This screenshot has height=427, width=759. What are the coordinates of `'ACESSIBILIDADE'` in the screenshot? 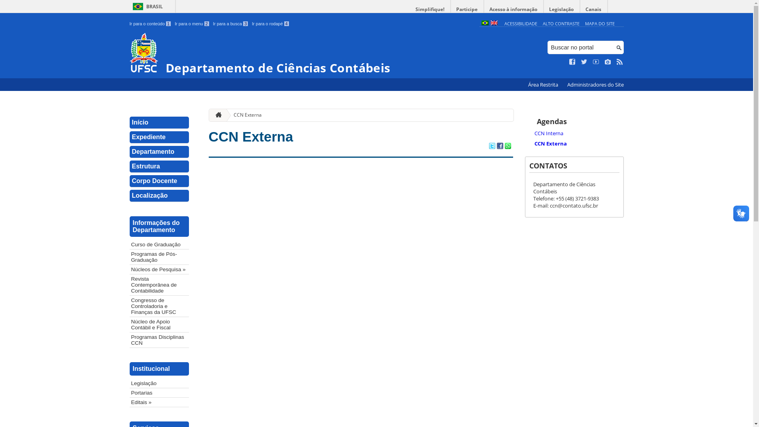 It's located at (521, 23).